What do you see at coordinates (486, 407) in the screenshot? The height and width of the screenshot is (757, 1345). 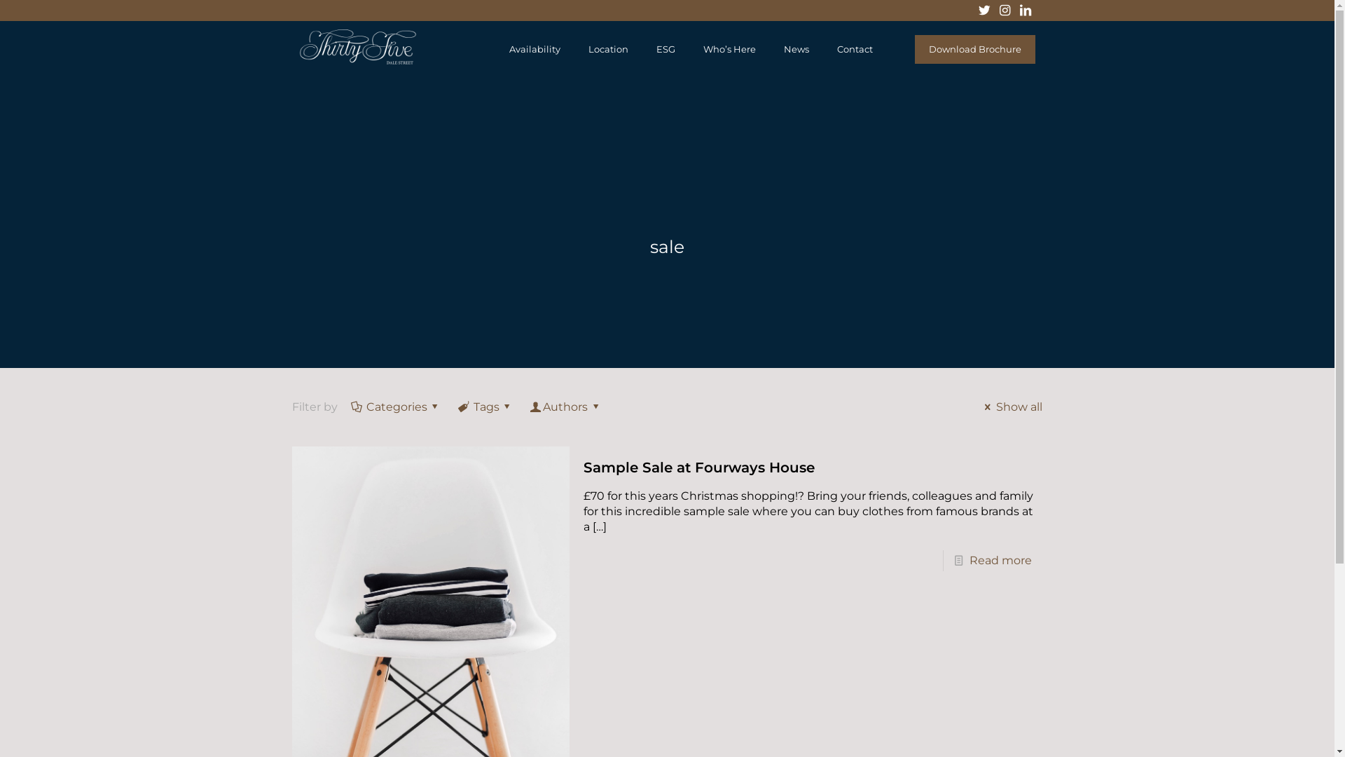 I see `'Tags'` at bounding box center [486, 407].